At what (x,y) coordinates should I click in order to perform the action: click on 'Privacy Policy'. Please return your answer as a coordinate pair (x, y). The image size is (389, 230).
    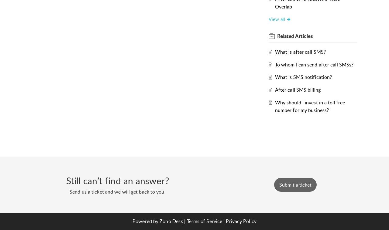
    Looking at the image, I should click on (240, 221).